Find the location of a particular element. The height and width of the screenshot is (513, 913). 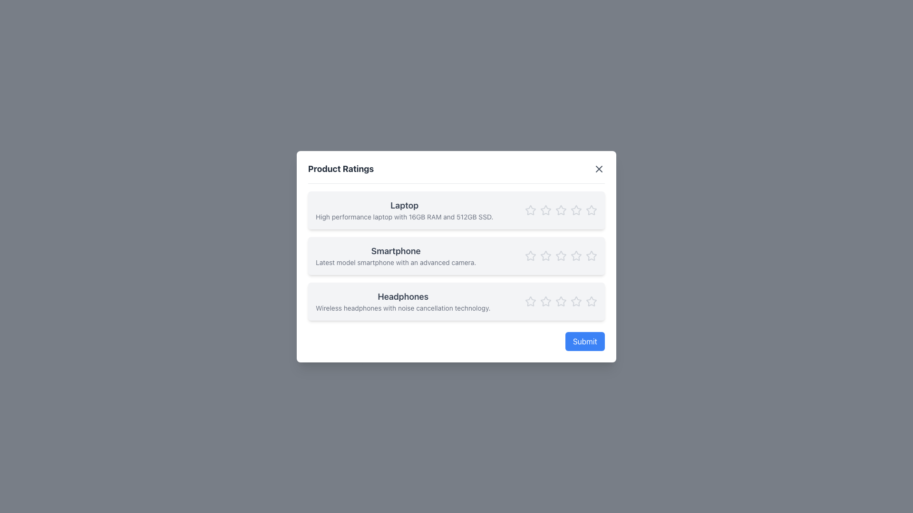

the first rating star icon for the 'Headphones' product is located at coordinates (530, 301).